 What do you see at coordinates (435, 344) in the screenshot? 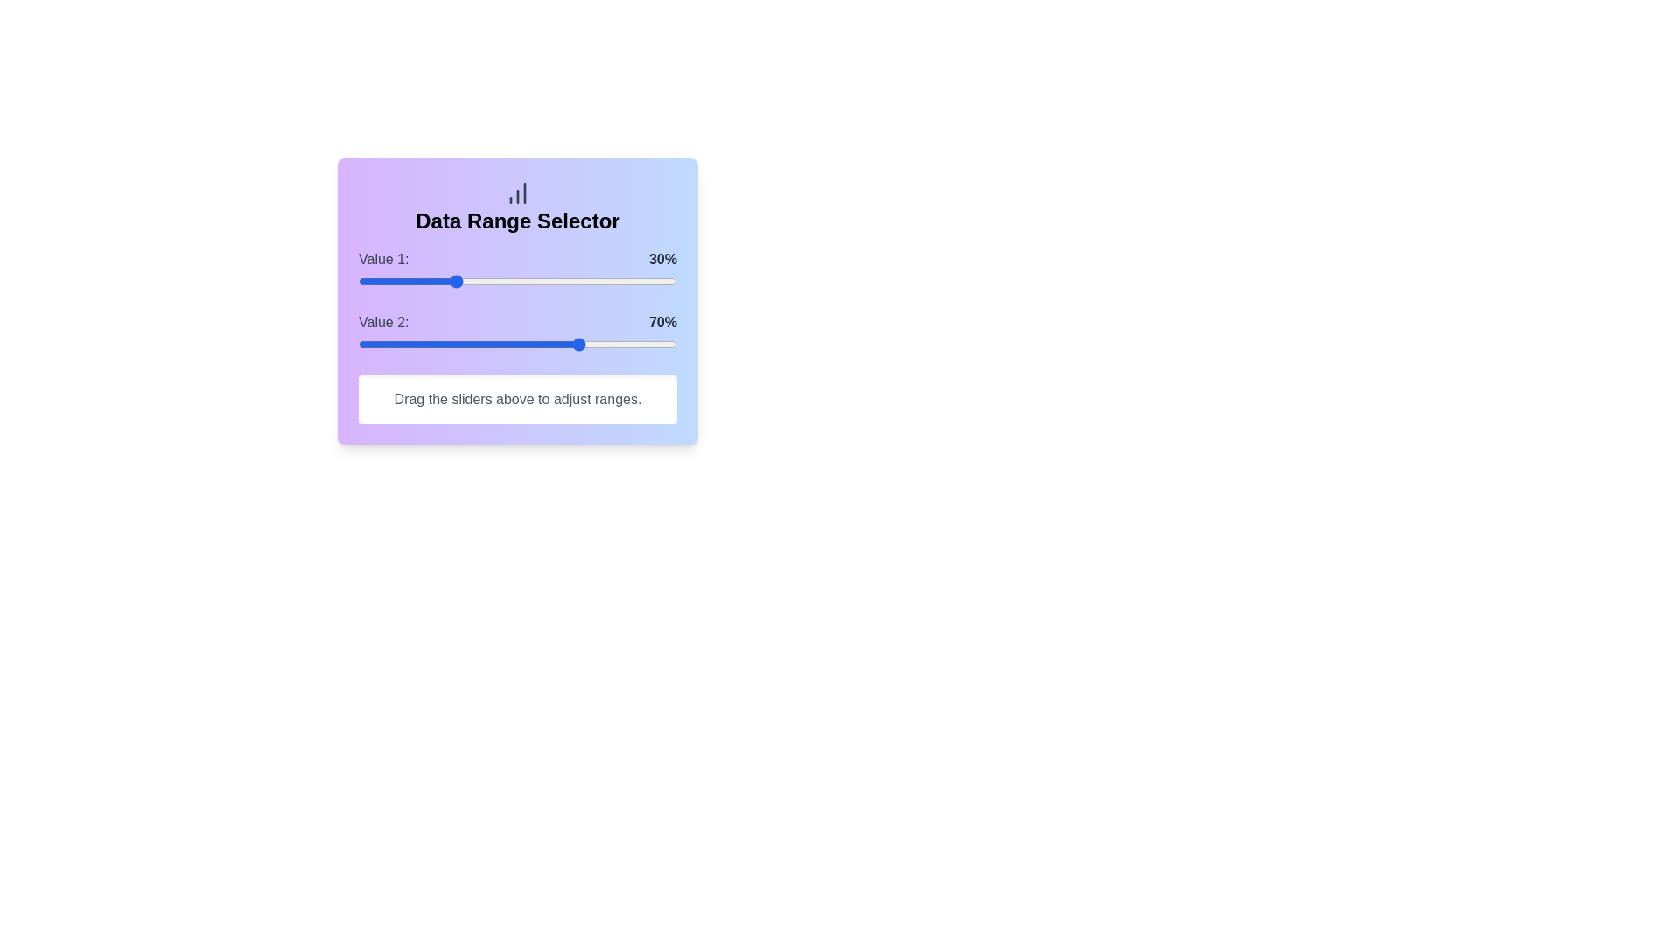
I see `the Value 2 slider to 24%` at bounding box center [435, 344].